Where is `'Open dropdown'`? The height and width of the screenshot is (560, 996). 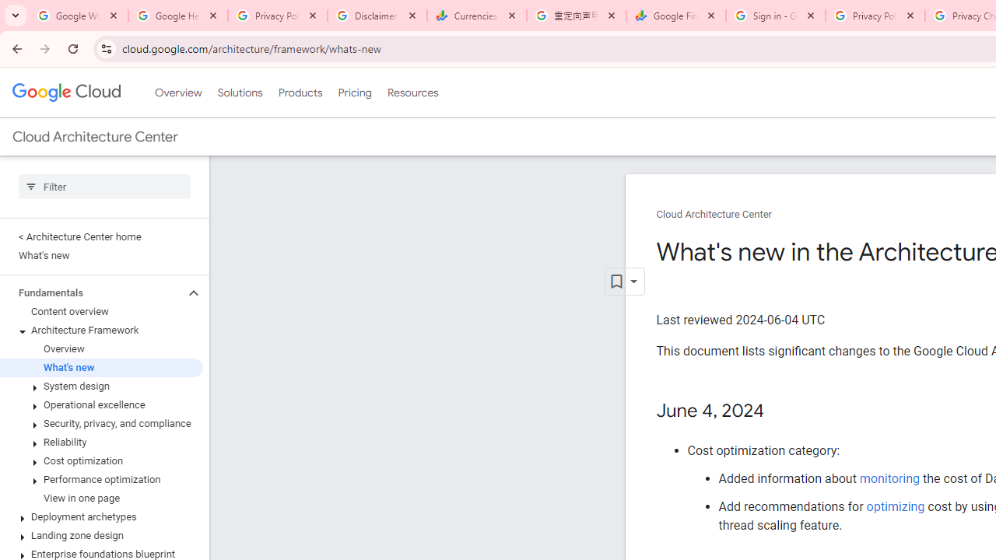 'Open dropdown' is located at coordinates (624, 282).